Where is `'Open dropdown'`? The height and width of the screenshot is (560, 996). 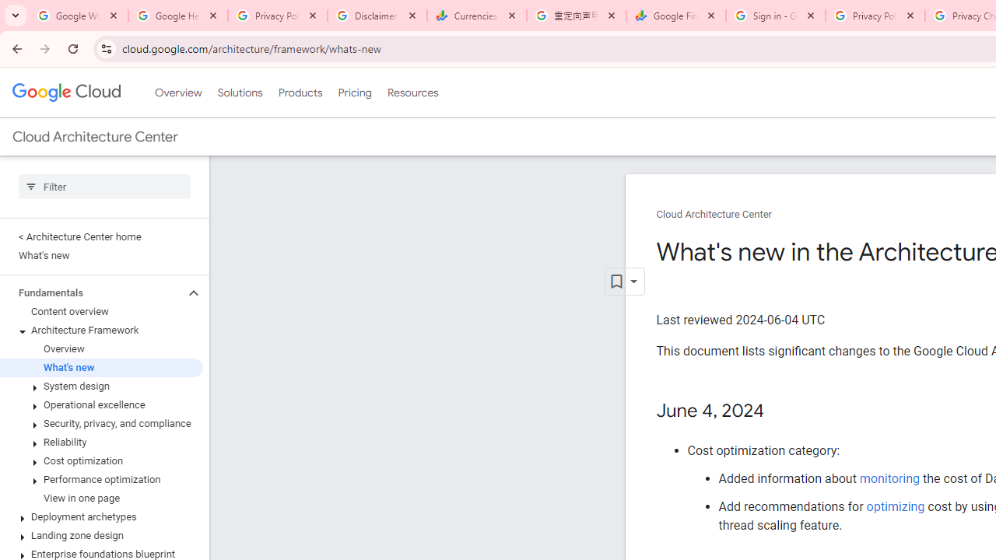 'Open dropdown' is located at coordinates (624, 282).